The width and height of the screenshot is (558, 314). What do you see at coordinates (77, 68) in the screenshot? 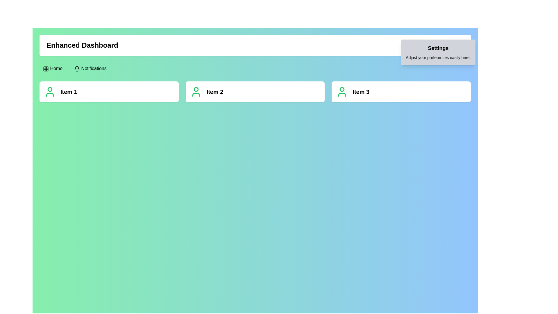
I see `the notification icon located to the left of the 'Notifications' text in the navigation bar` at bounding box center [77, 68].